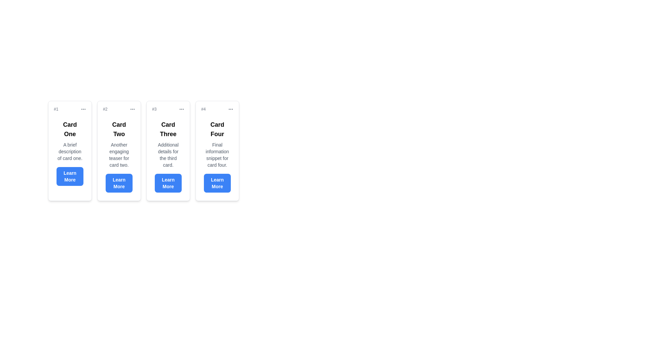  Describe the element at coordinates (231, 109) in the screenshot. I see `the horizontal ellipsis icon in the top-right corner of the card labeled '#4, Card Four'` at that location.